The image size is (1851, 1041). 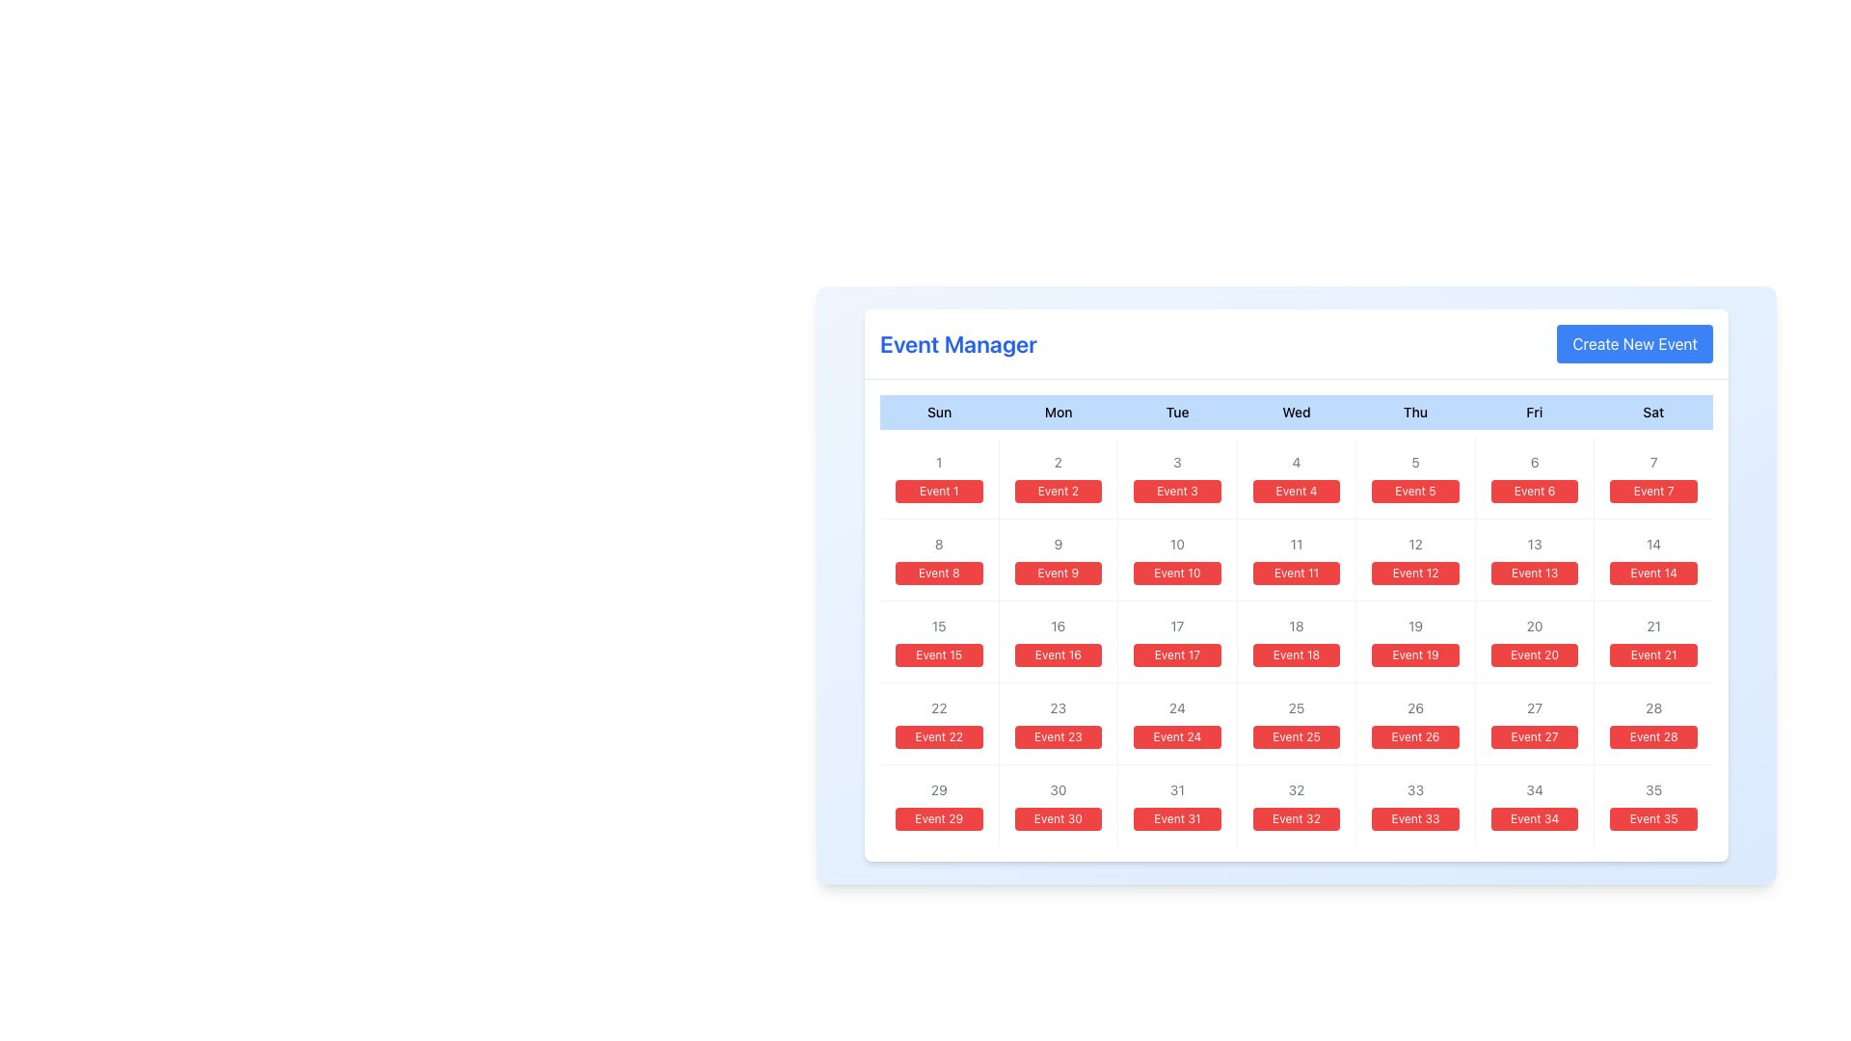 What do you see at coordinates (939, 572) in the screenshot?
I see `the rectangular button with rounded corners, red background, and white text reading 'Event 8' located beneath the header 'Sun'` at bounding box center [939, 572].